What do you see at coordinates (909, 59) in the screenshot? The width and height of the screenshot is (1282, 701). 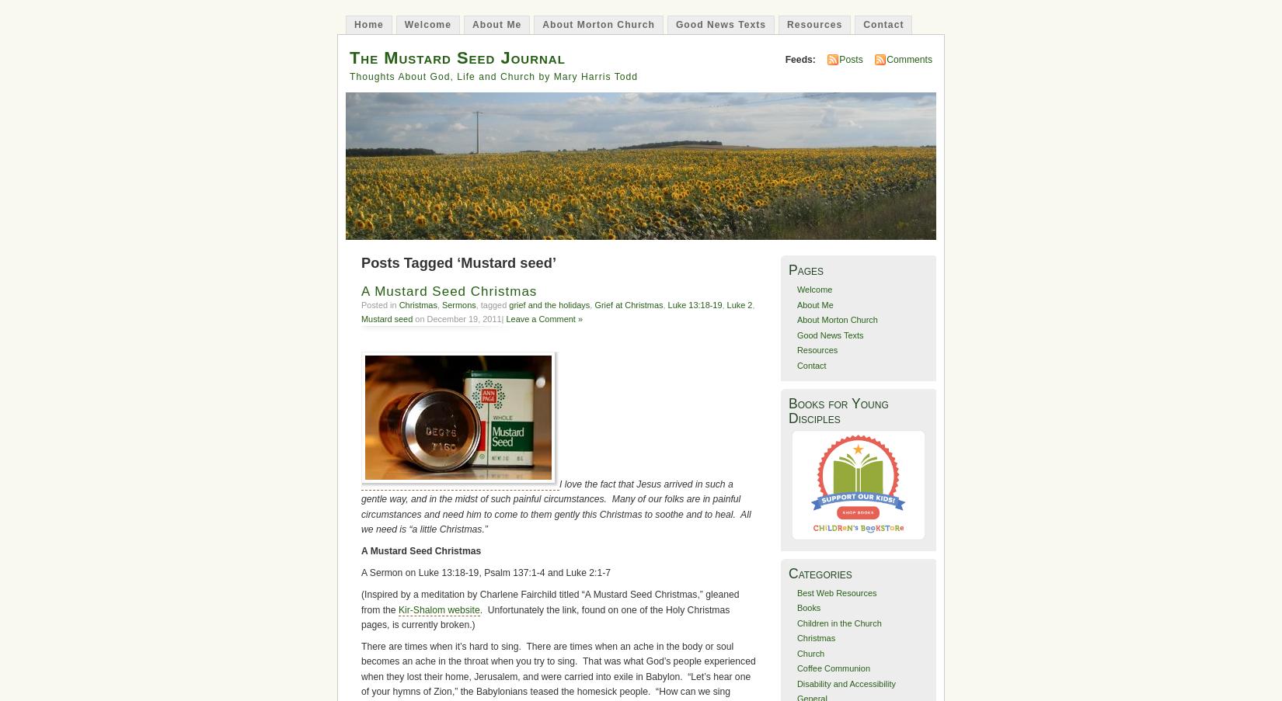 I see `'Comments'` at bounding box center [909, 59].